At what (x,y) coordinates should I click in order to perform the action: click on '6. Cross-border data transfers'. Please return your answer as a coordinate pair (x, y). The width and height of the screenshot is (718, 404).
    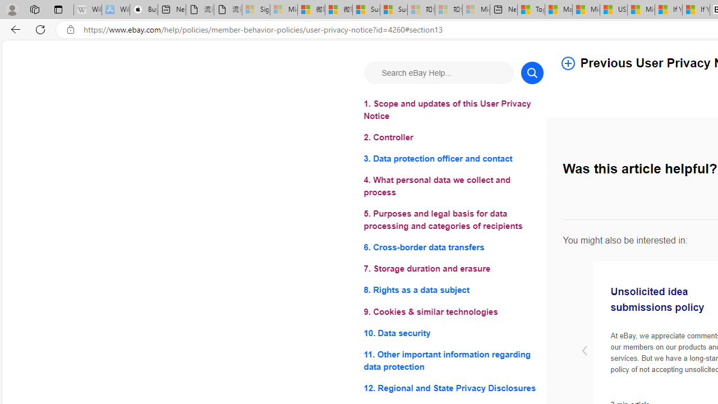
    Looking at the image, I should click on (453, 247).